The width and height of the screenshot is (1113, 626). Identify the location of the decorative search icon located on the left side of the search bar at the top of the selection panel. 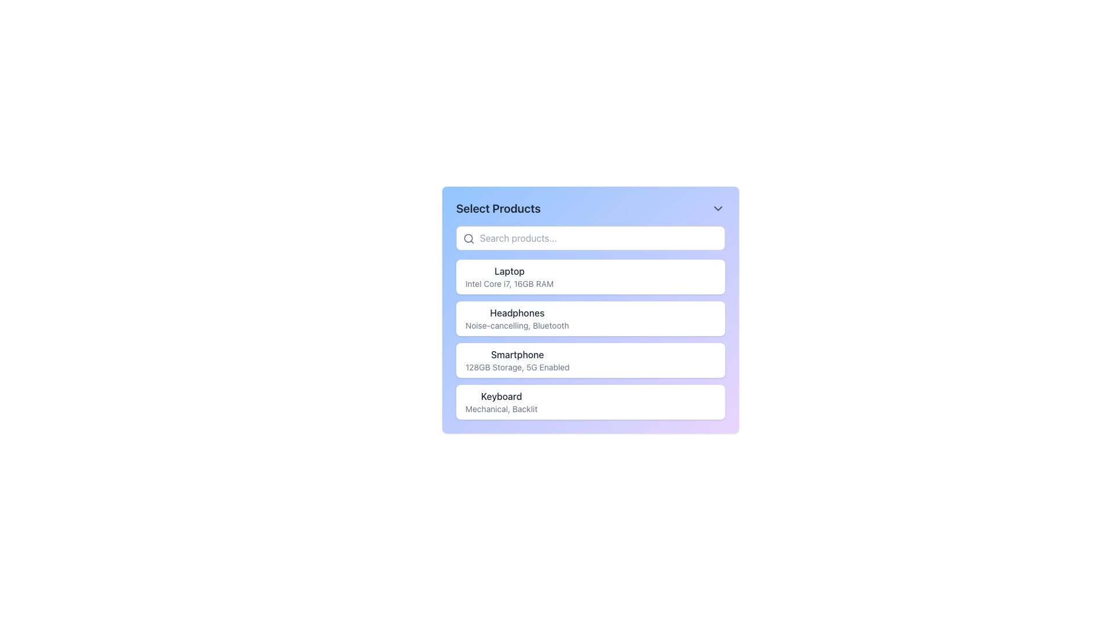
(469, 238).